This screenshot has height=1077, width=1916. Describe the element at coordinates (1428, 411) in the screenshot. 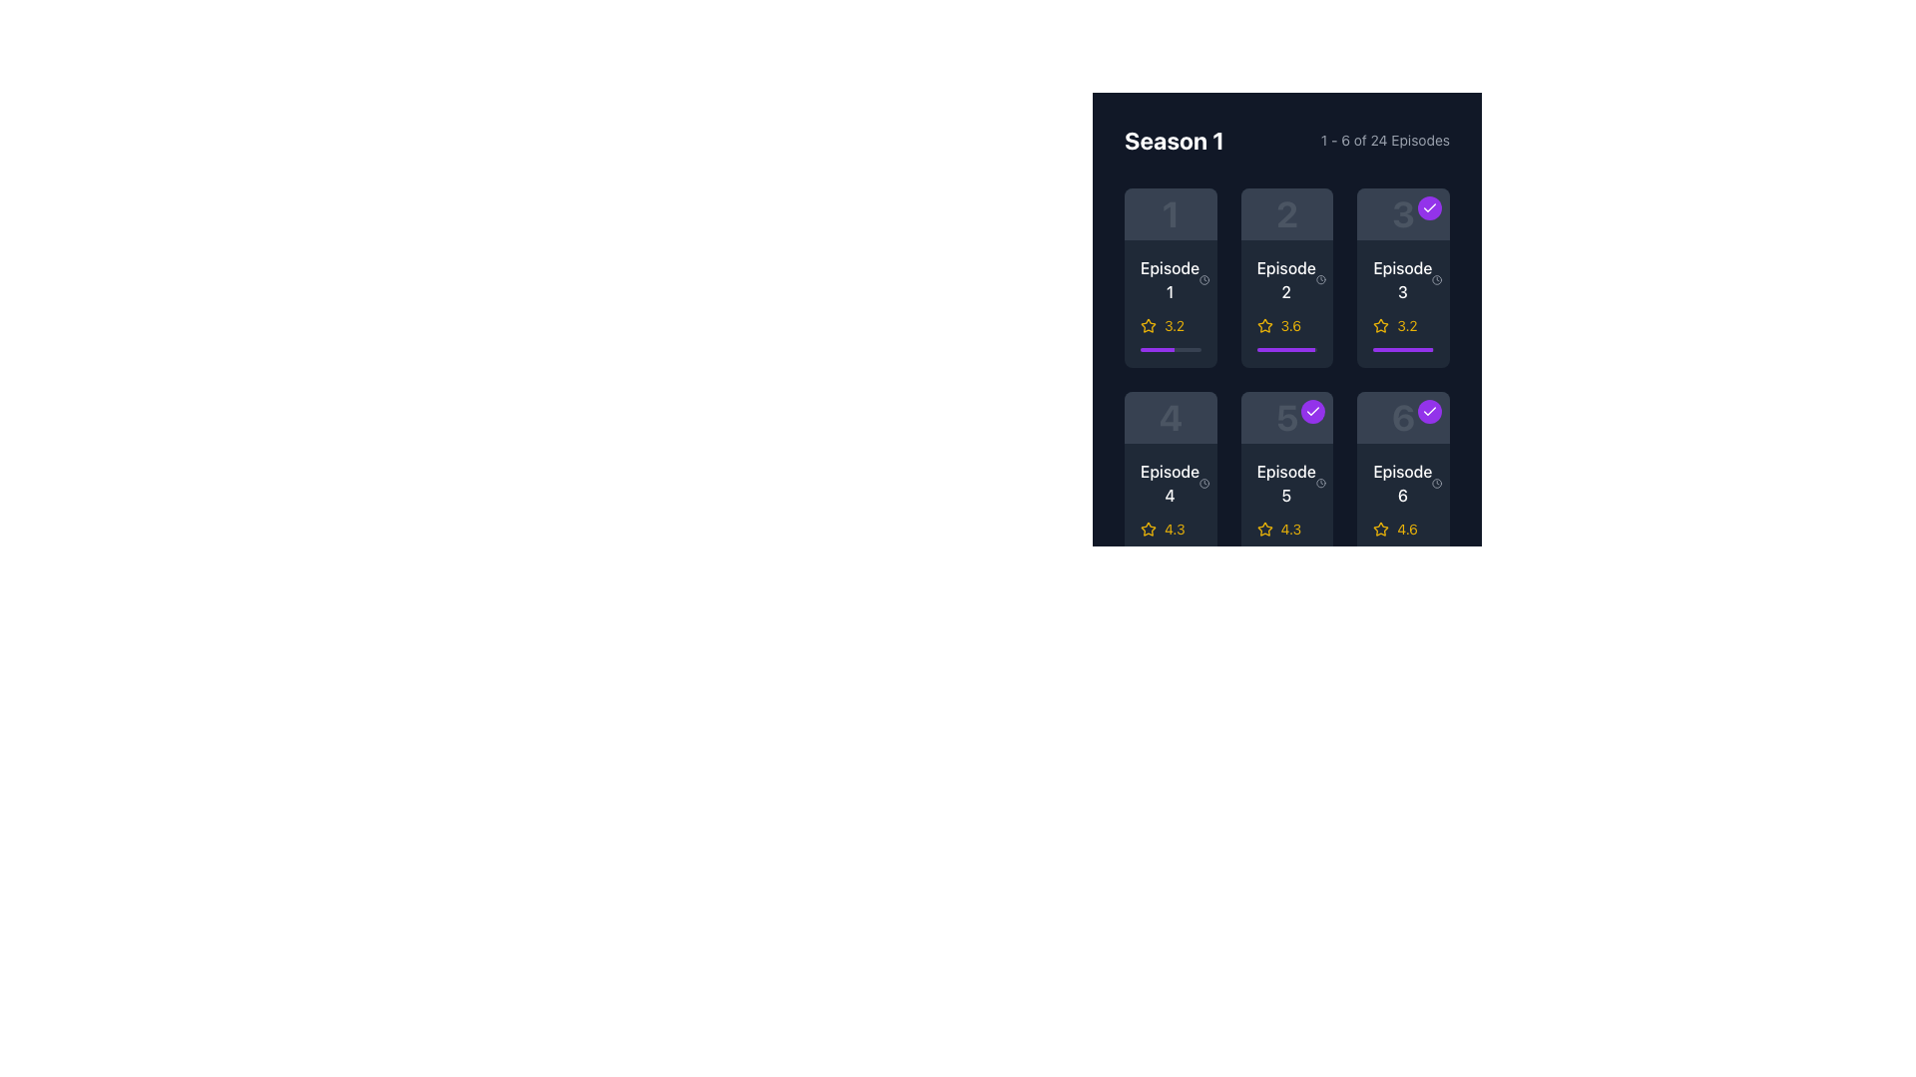

I see `the circular icon button with a purple background and white checkmark in the top-right corner of the 'Episode 6' card in the grid layout under 'Season 1'` at that location.